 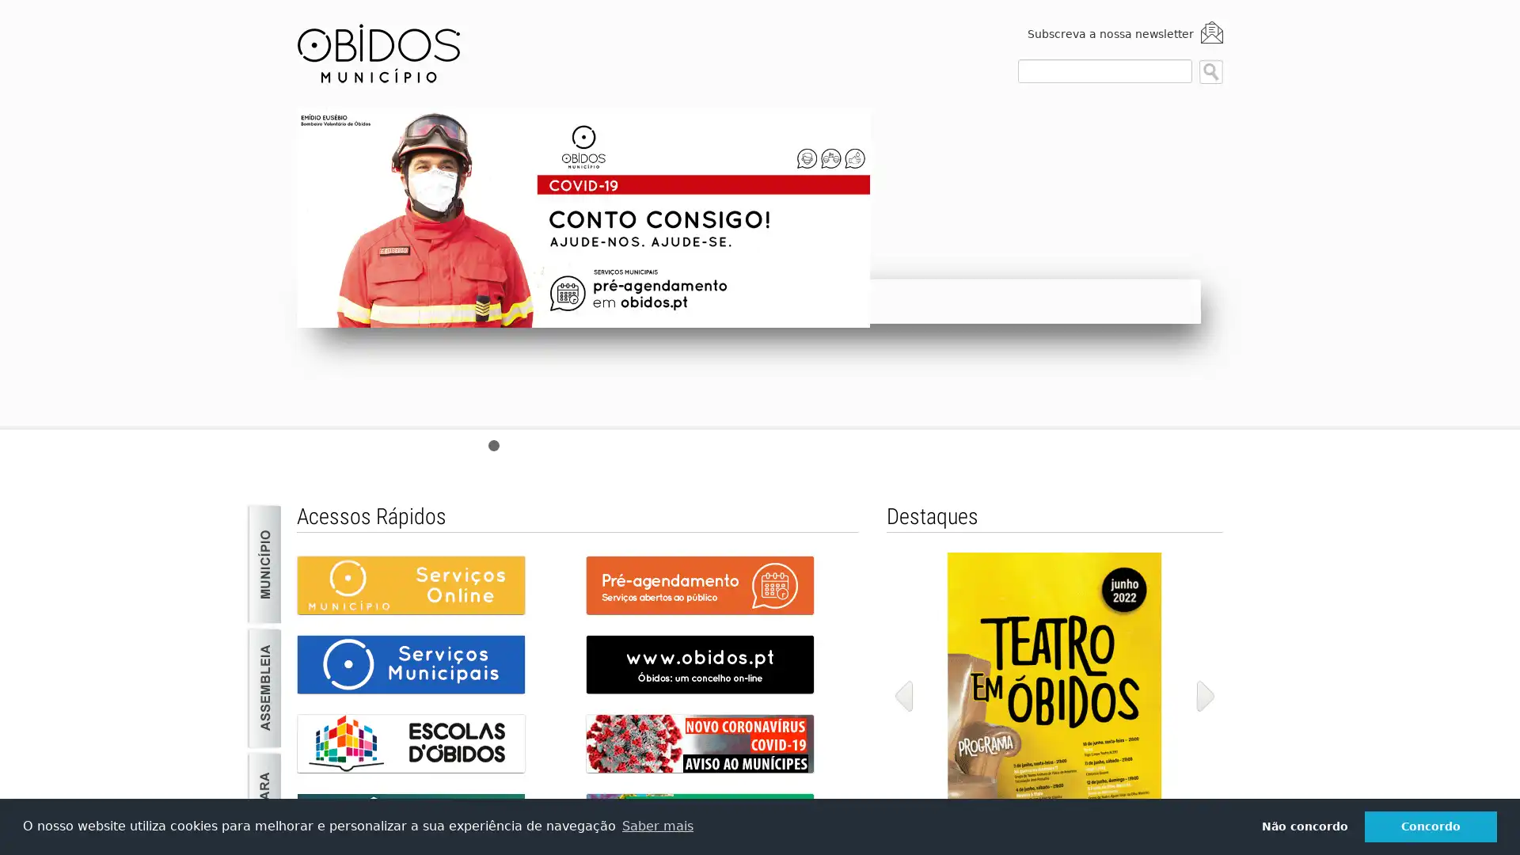 I want to click on learn more about cookies, so click(x=657, y=826).